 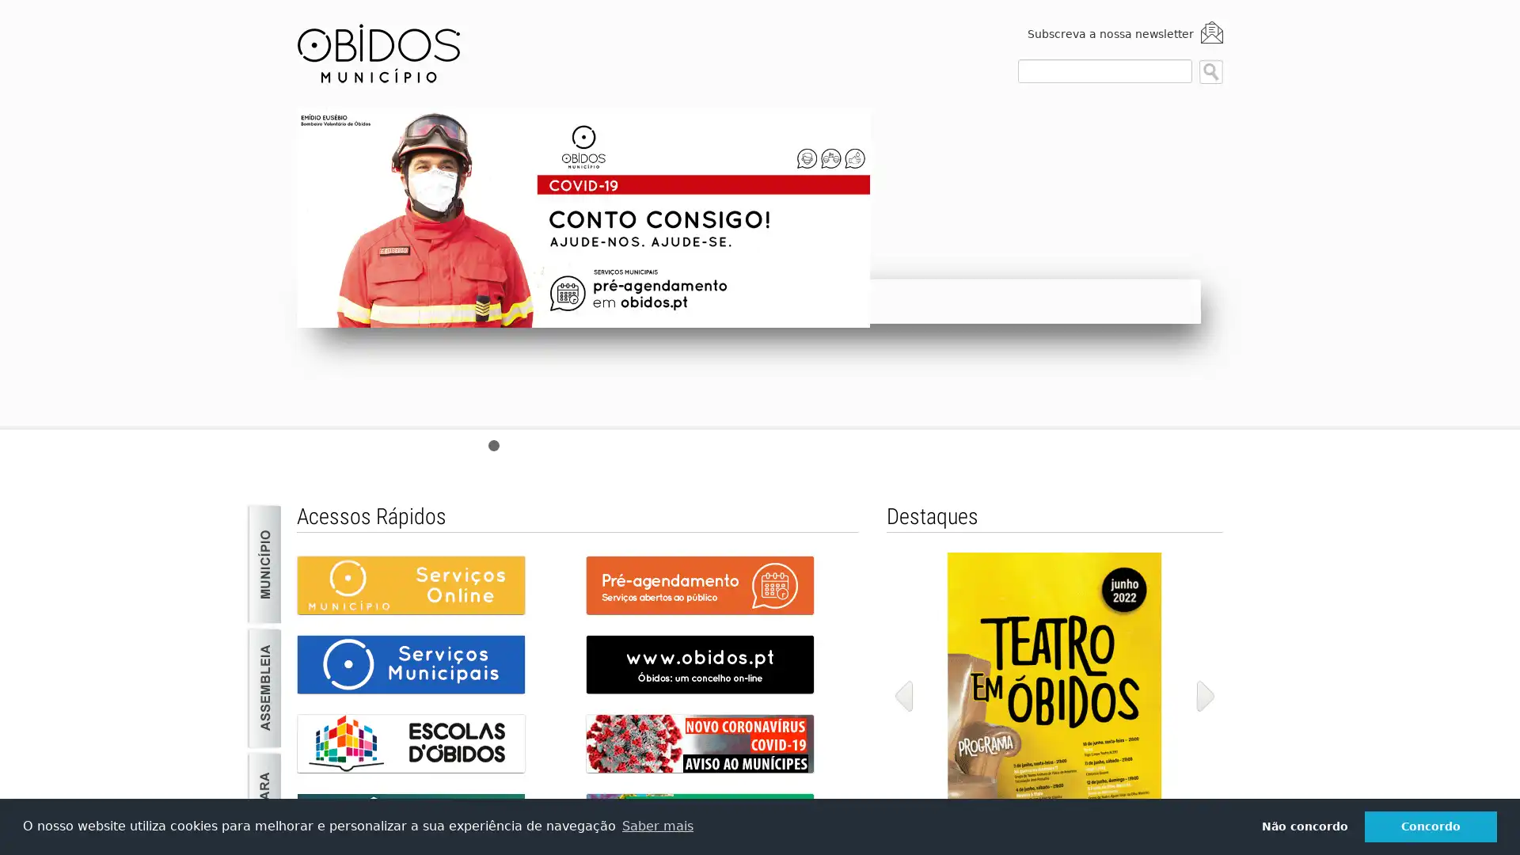 I want to click on learn more about cookies, so click(x=657, y=826).